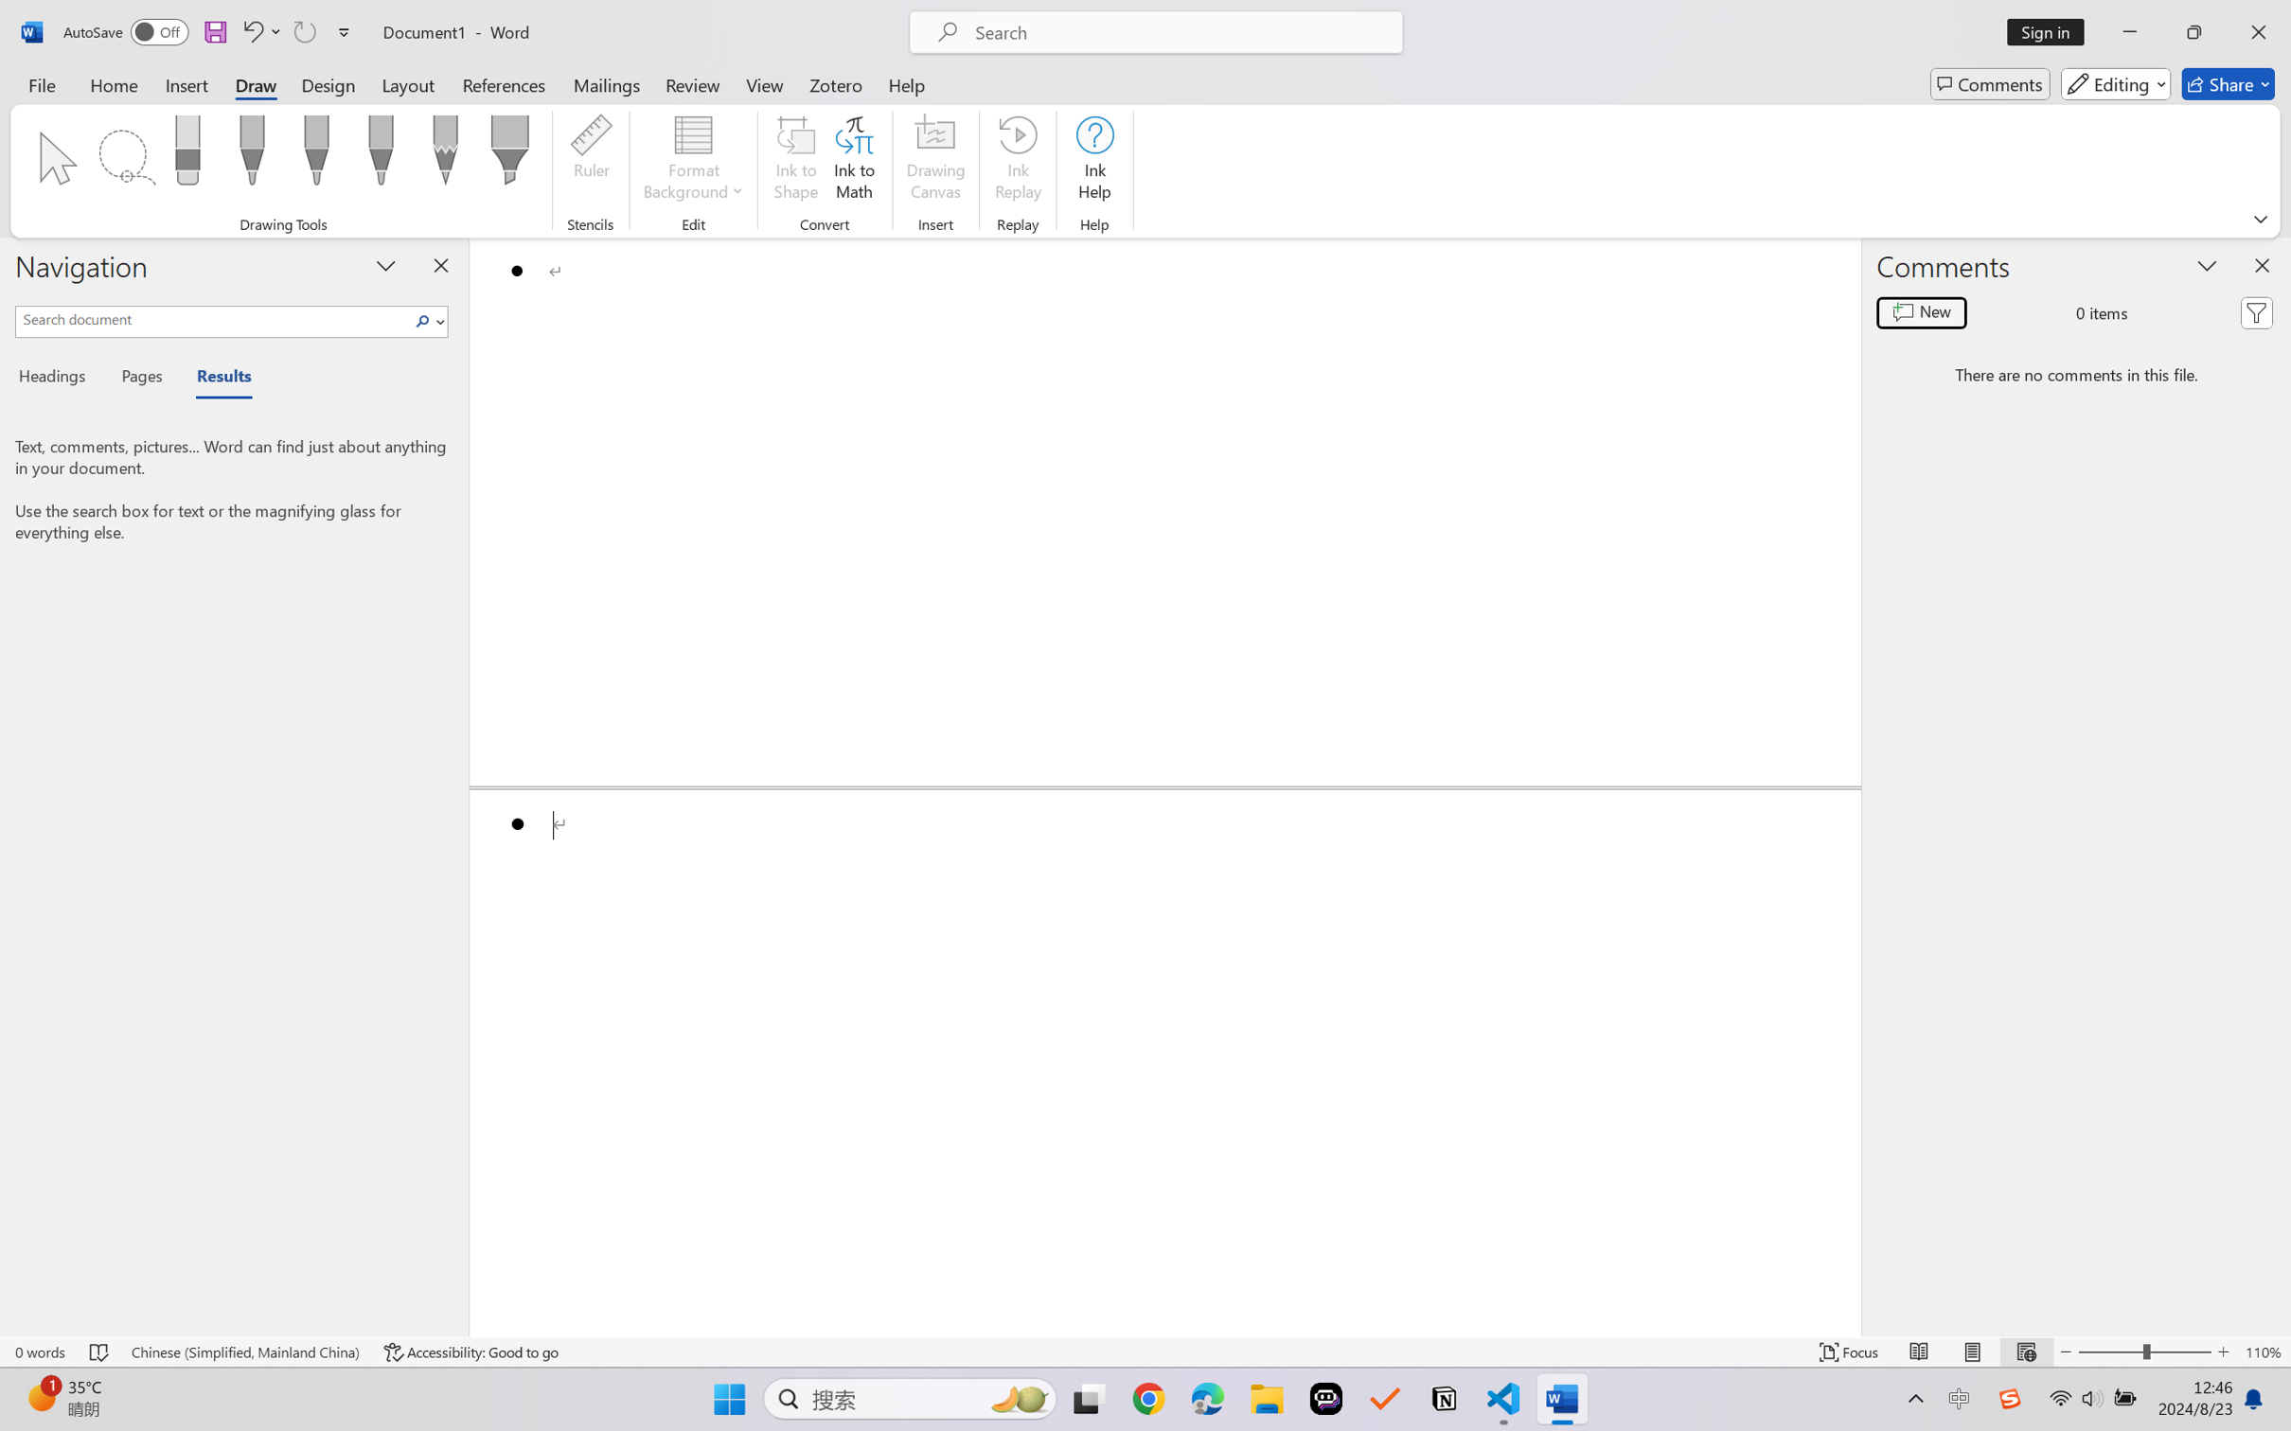 Image resolution: width=2291 pixels, height=1431 pixels. What do you see at coordinates (214, 380) in the screenshot?
I see `'Results'` at bounding box center [214, 380].